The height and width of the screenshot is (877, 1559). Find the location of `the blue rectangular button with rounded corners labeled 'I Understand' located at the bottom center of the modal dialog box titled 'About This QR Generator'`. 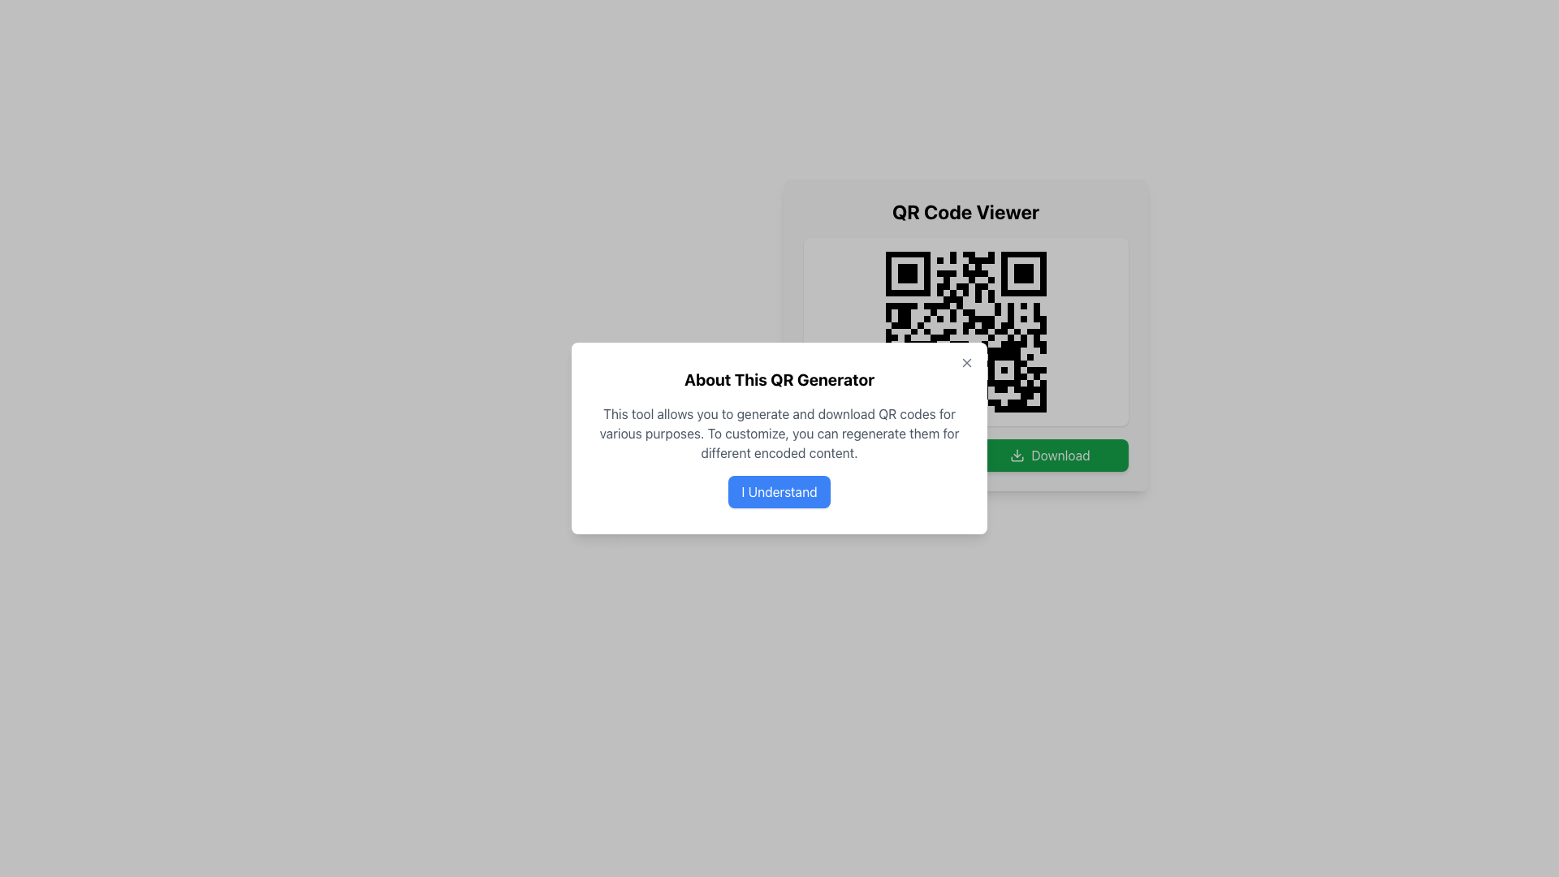

the blue rectangular button with rounded corners labeled 'I Understand' located at the bottom center of the modal dialog box titled 'About This QR Generator' is located at coordinates (779, 490).